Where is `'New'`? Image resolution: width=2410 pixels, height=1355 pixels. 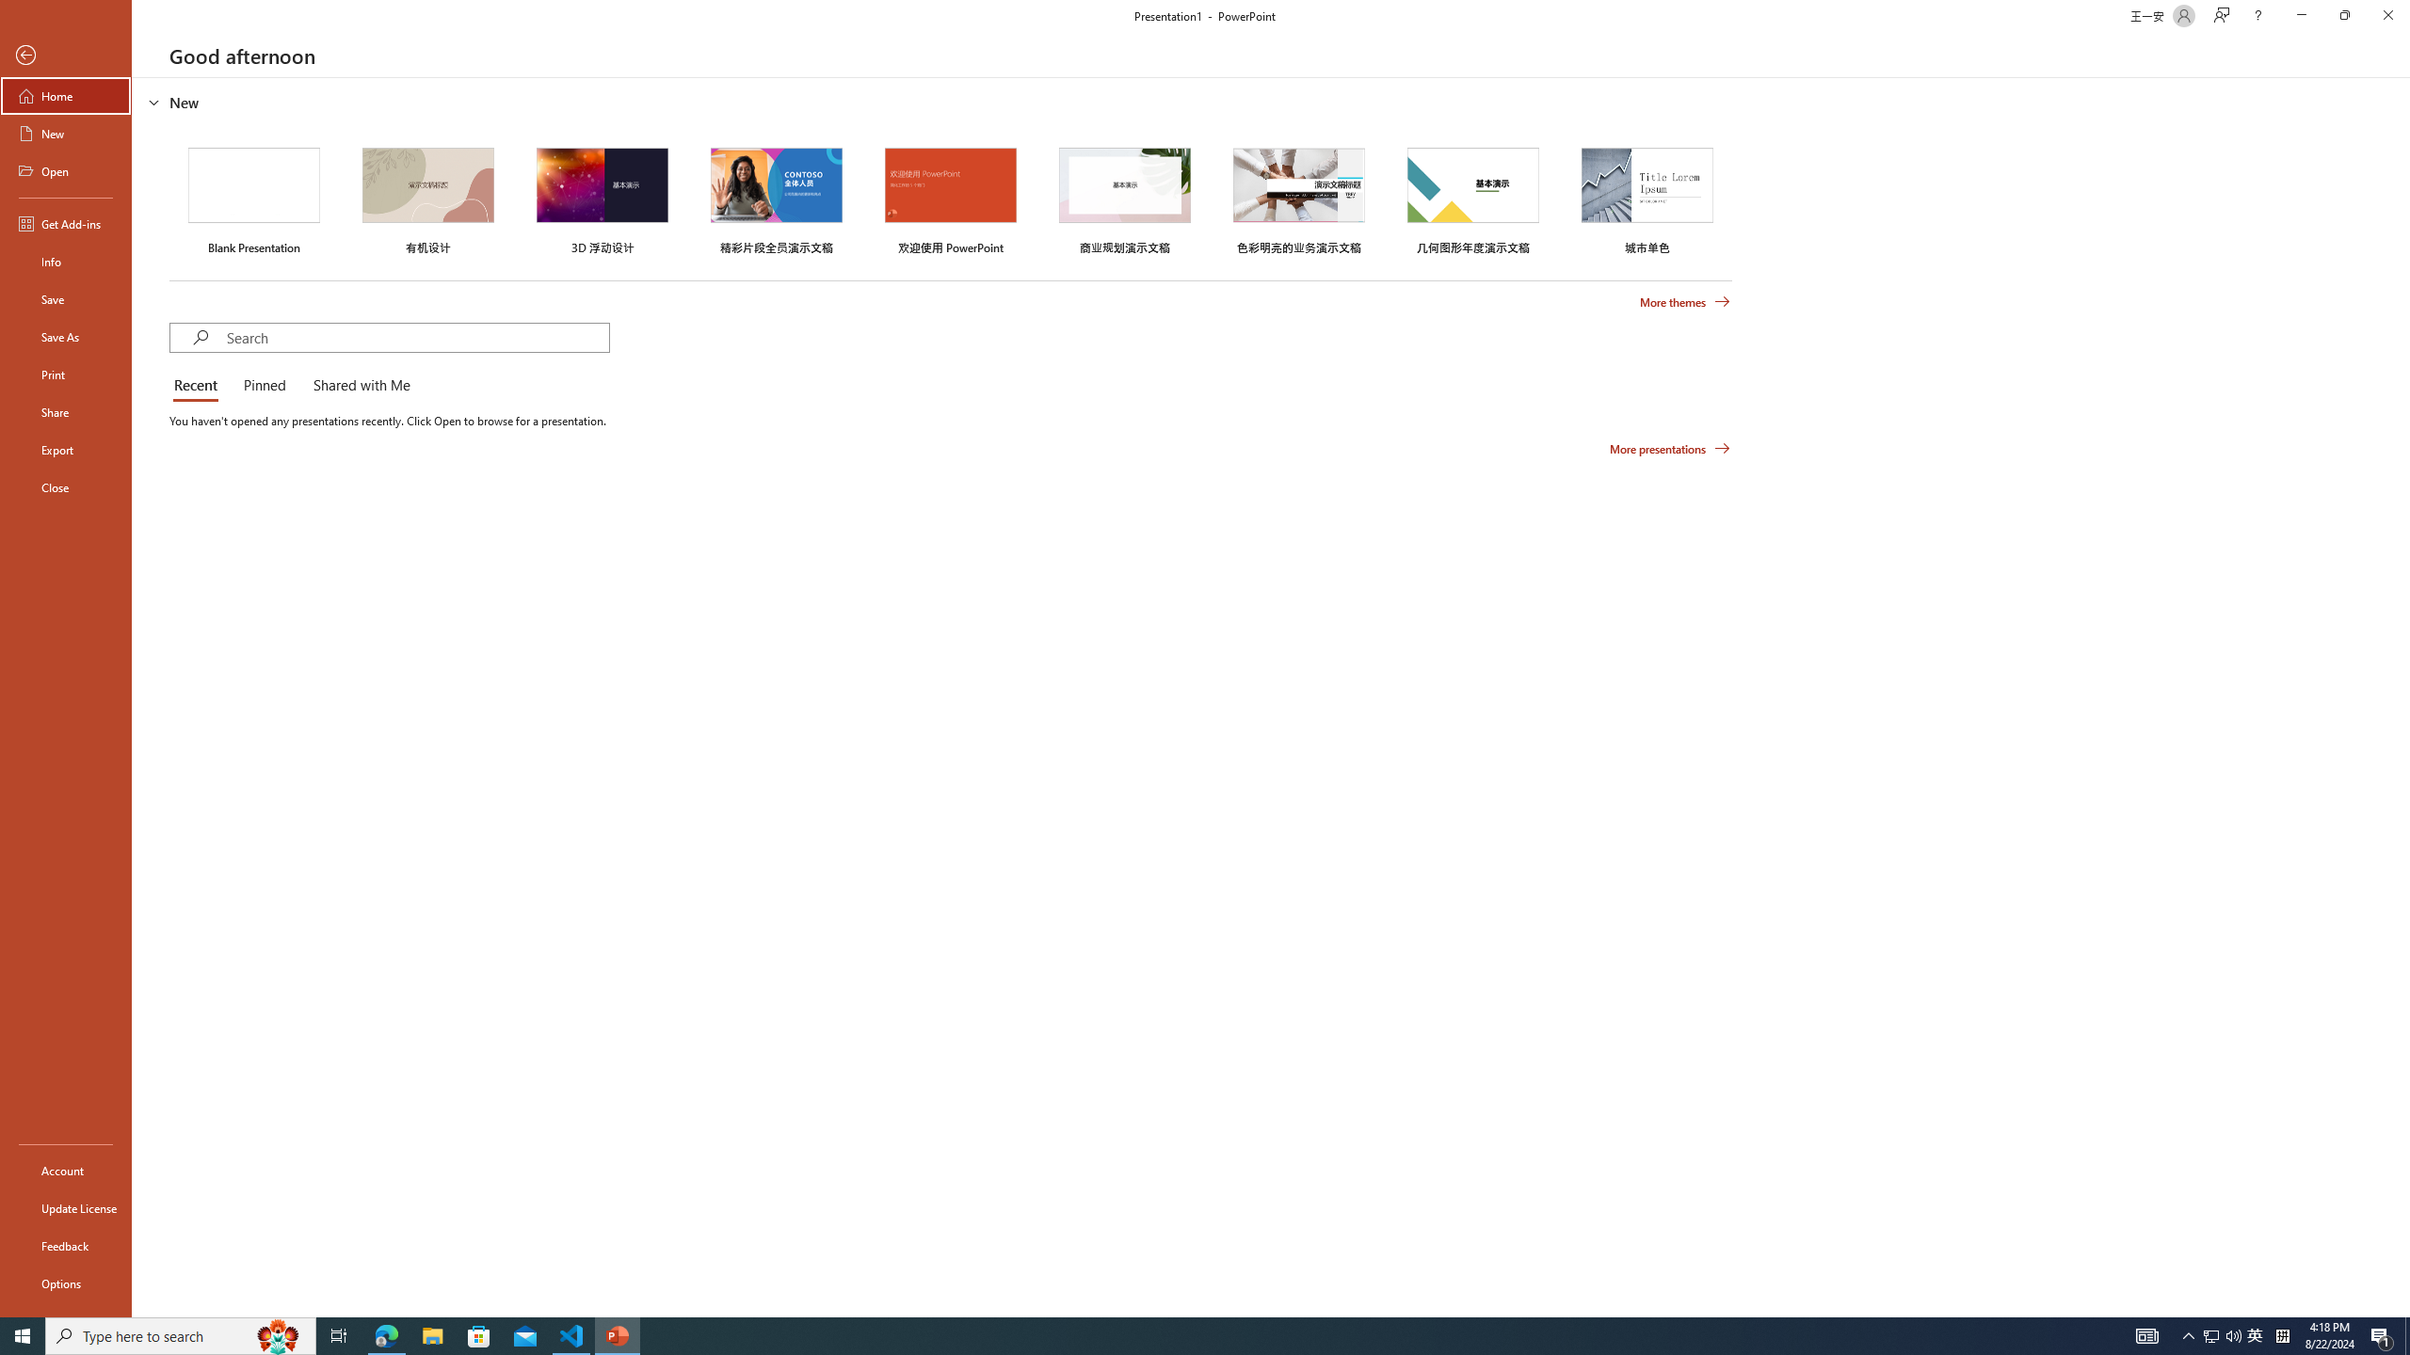
'New' is located at coordinates (65, 133).